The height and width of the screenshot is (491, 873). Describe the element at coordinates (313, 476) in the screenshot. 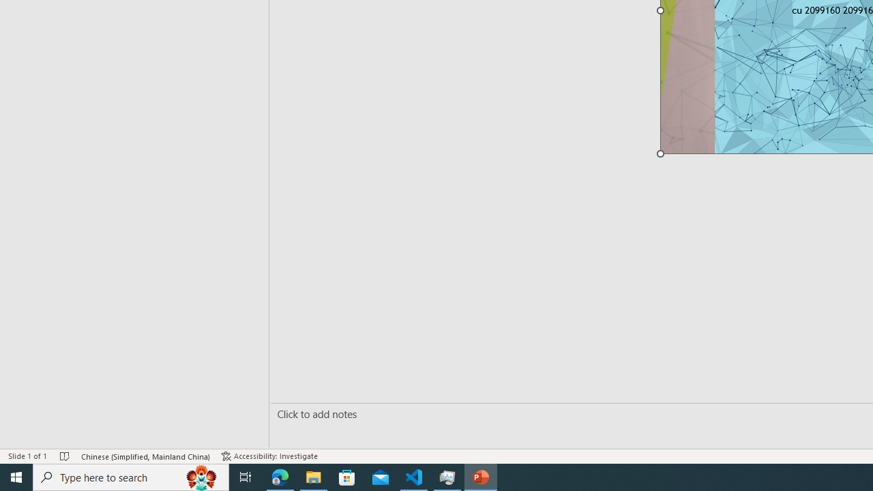

I see `'File Explorer - 1 running window'` at that location.